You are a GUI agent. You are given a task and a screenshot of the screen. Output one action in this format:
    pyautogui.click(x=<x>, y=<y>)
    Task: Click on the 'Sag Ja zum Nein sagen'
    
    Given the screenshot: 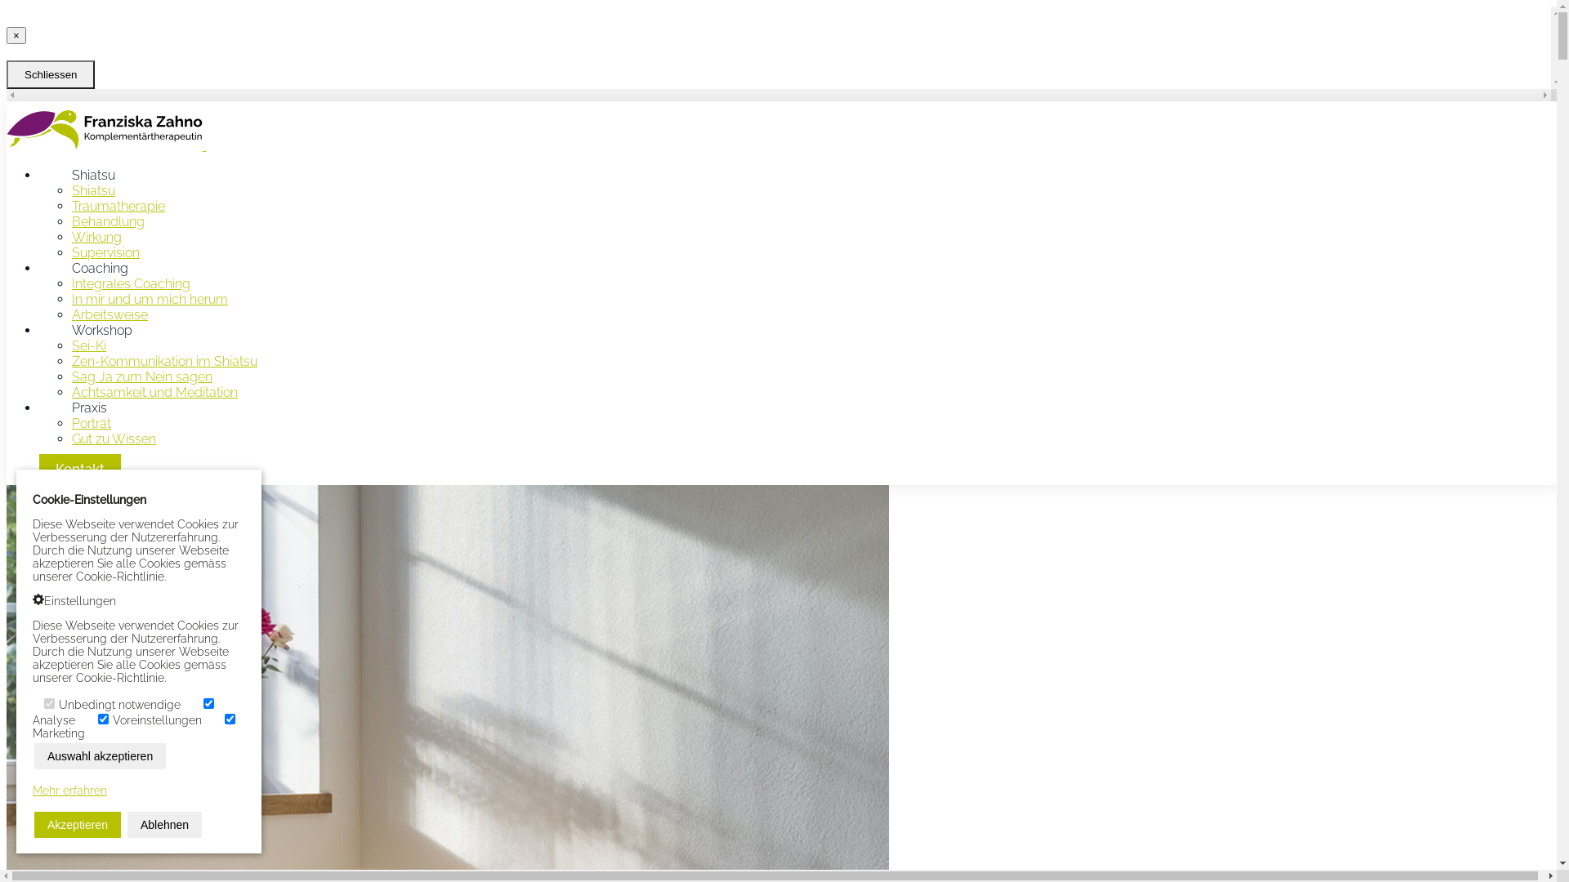 What is the action you would take?
    pyautogui.click(x=141, y=376)
    